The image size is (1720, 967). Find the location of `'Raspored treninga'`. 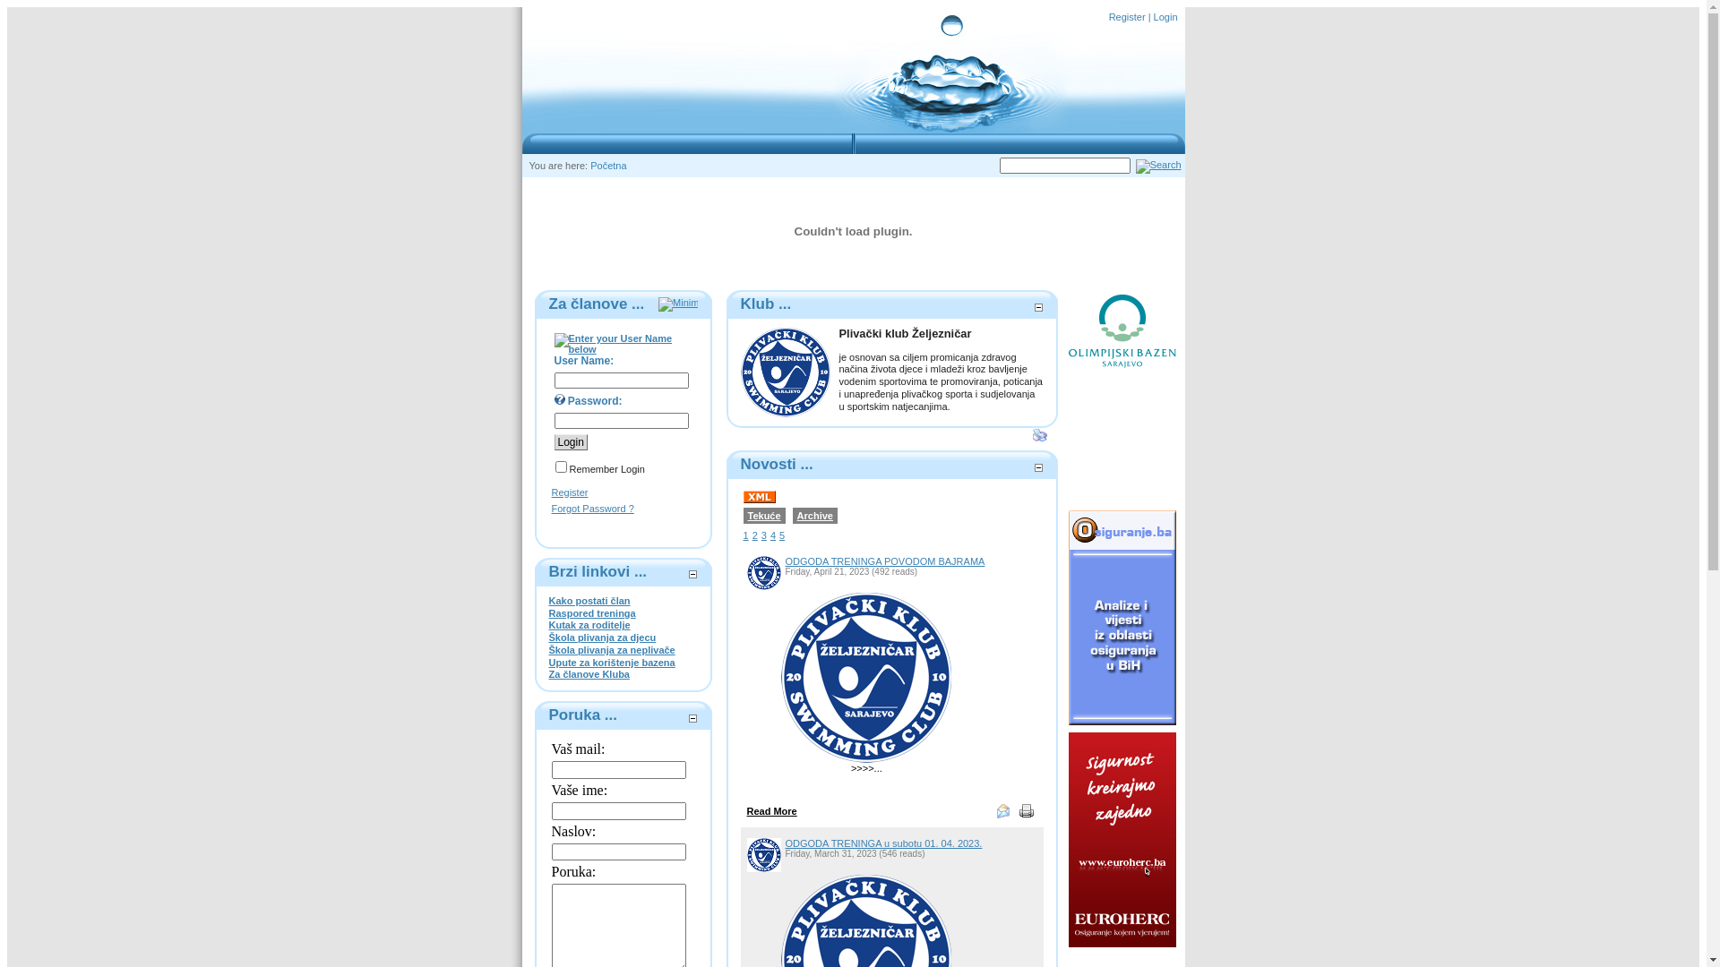

'Raspored treninga' is located at coordinates (591, 612).